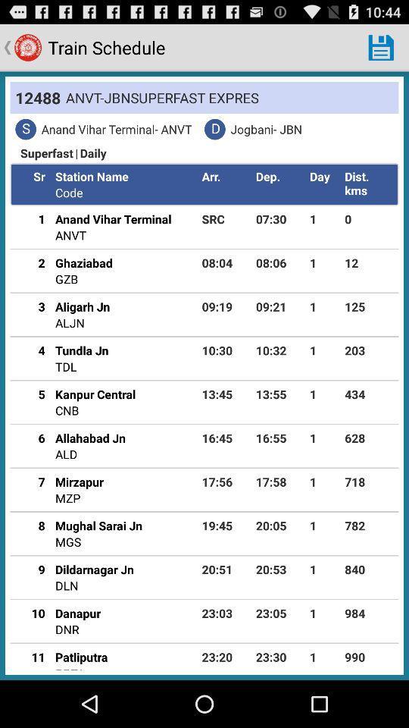  Describe the element at coordinates (65, 366) in the screenshot. I see `the item next to the 10:30` at that location.